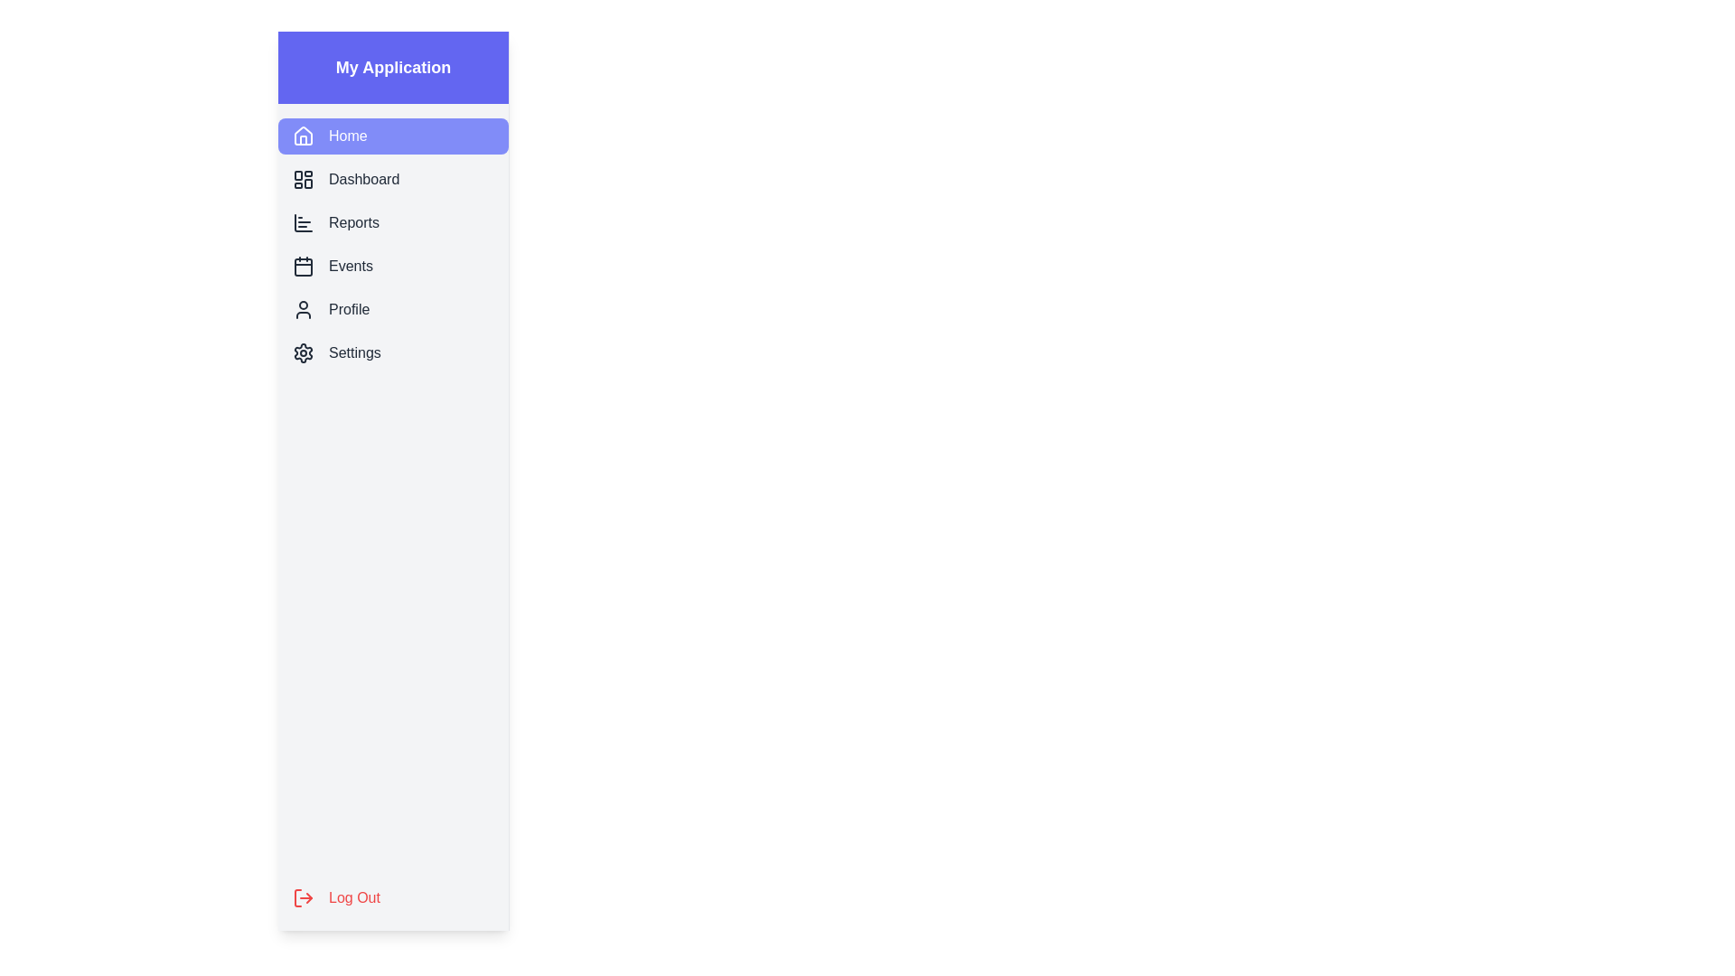 The width and height of the screenshot is (1735, 976). What do you see at coordinates (304, 352) in the screenshot?
I see `the settings icon located at the bottom-left corner of the vertical navigation menu` at bounding box center [304, 352].